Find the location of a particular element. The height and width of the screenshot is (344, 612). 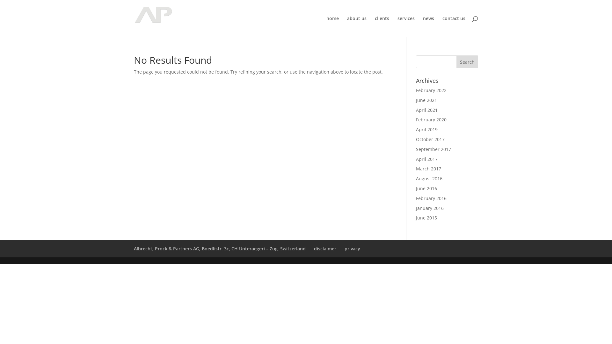

'disclaimer' is located at coordinates (325, 248).